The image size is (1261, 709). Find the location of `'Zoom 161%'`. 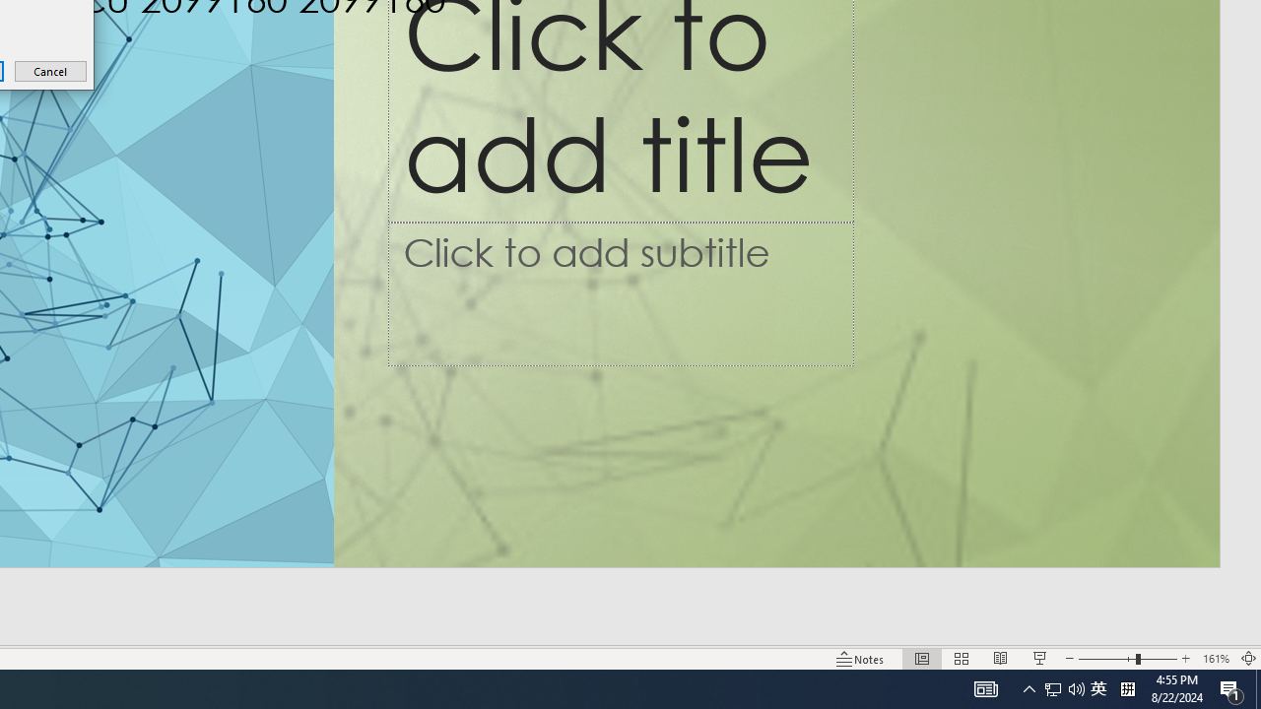

'Zoom 161%' is located at coordinates (1215, 659).